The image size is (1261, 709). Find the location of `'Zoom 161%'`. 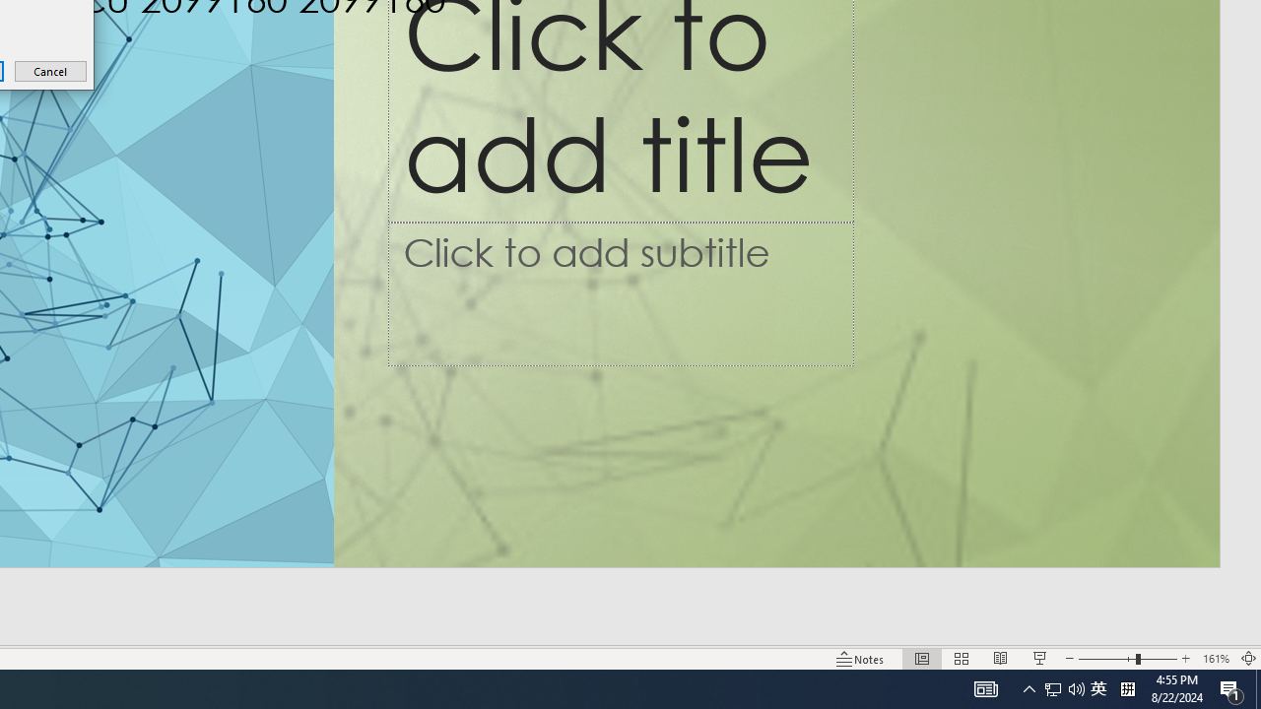

'Zoom 161%' is located at coordinates (1215, 659).